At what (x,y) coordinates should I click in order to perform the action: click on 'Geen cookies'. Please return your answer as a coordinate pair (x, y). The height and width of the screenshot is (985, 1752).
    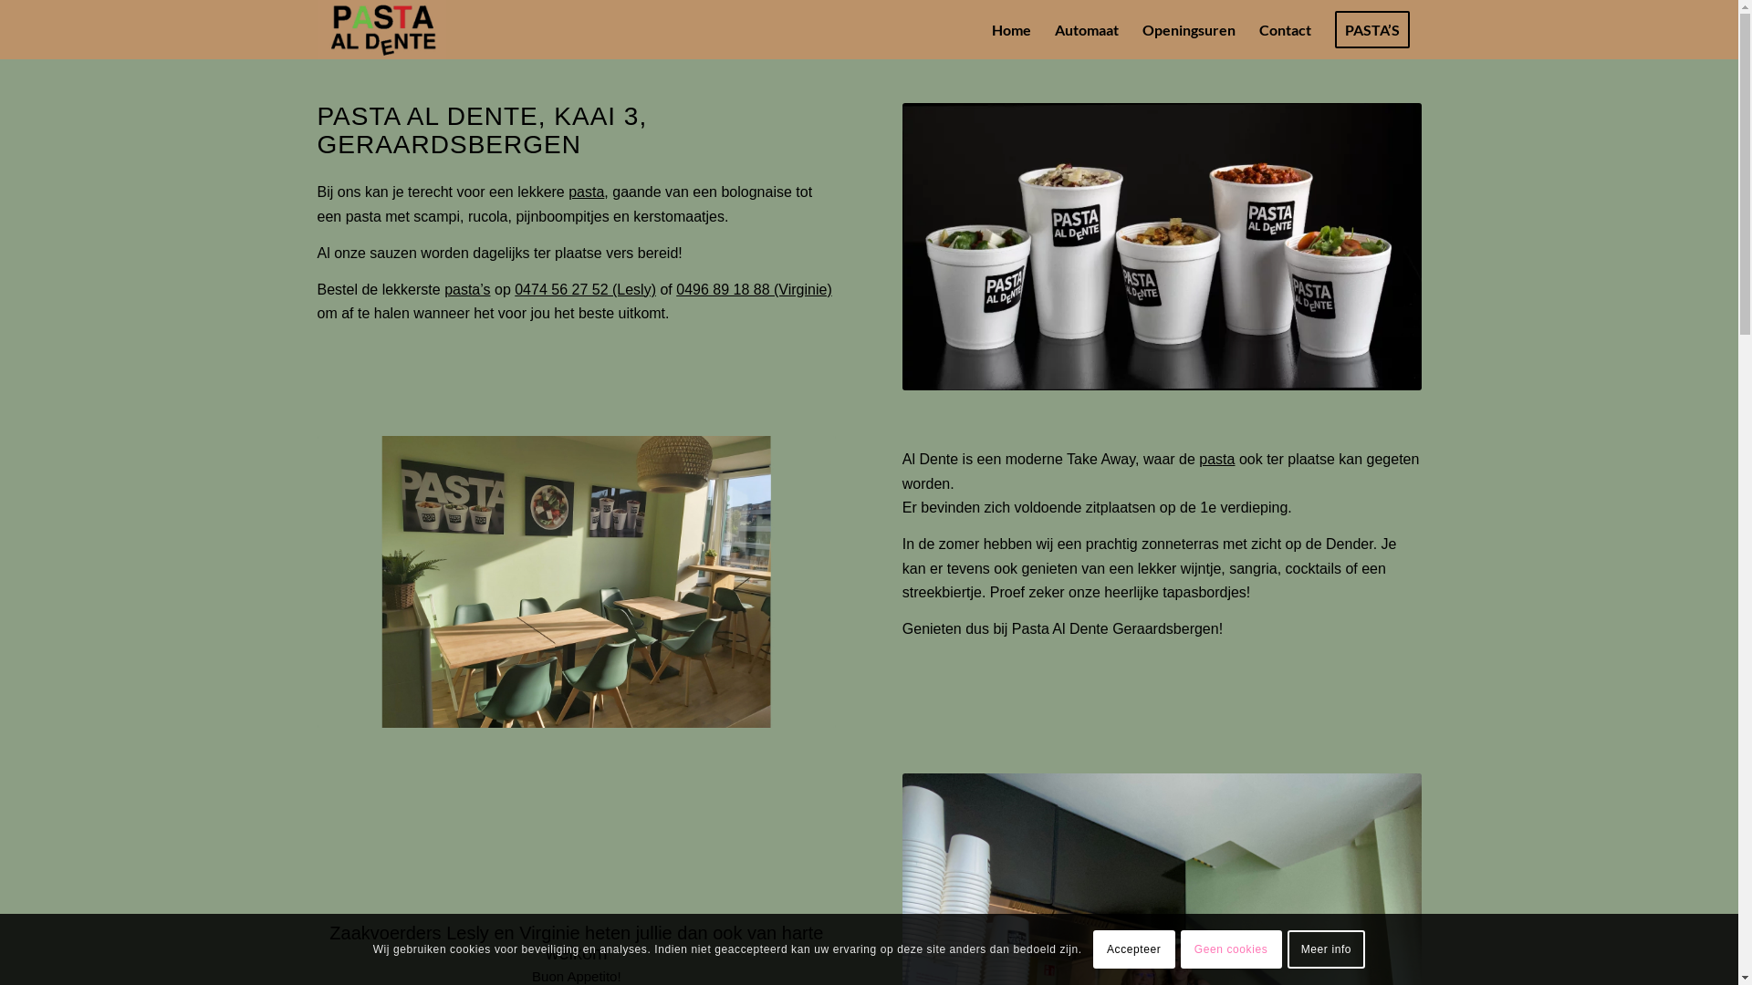
    Looking at the image, I should click on (1231, 949).